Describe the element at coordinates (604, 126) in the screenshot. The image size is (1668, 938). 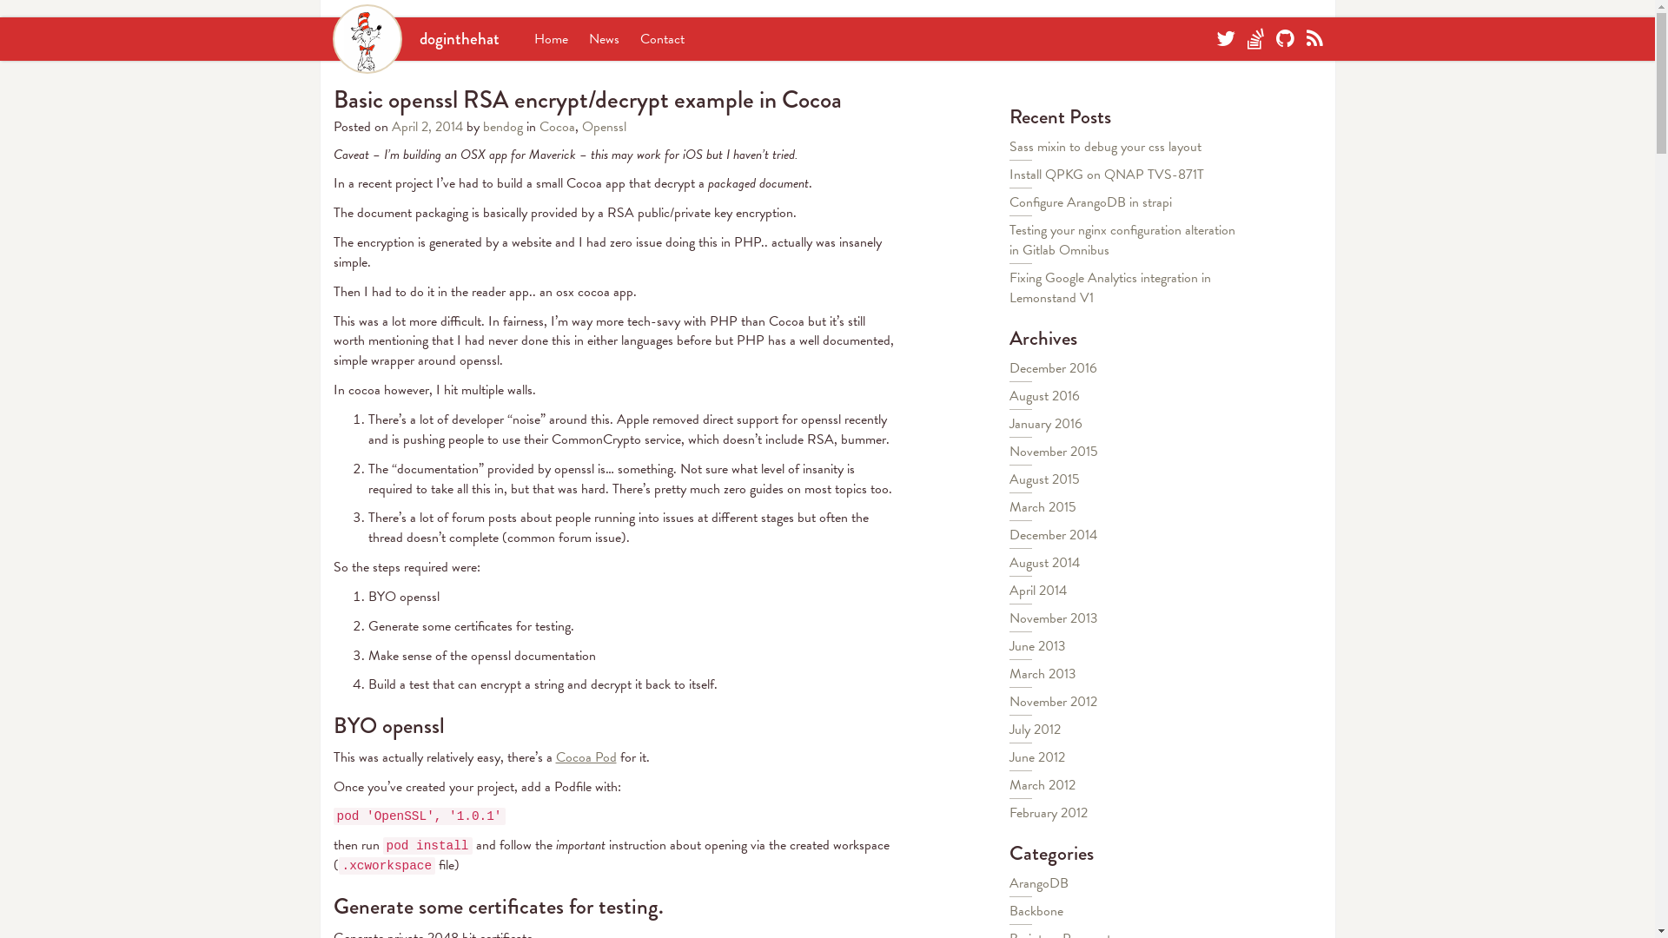
I see `'Openssl'` at that location.